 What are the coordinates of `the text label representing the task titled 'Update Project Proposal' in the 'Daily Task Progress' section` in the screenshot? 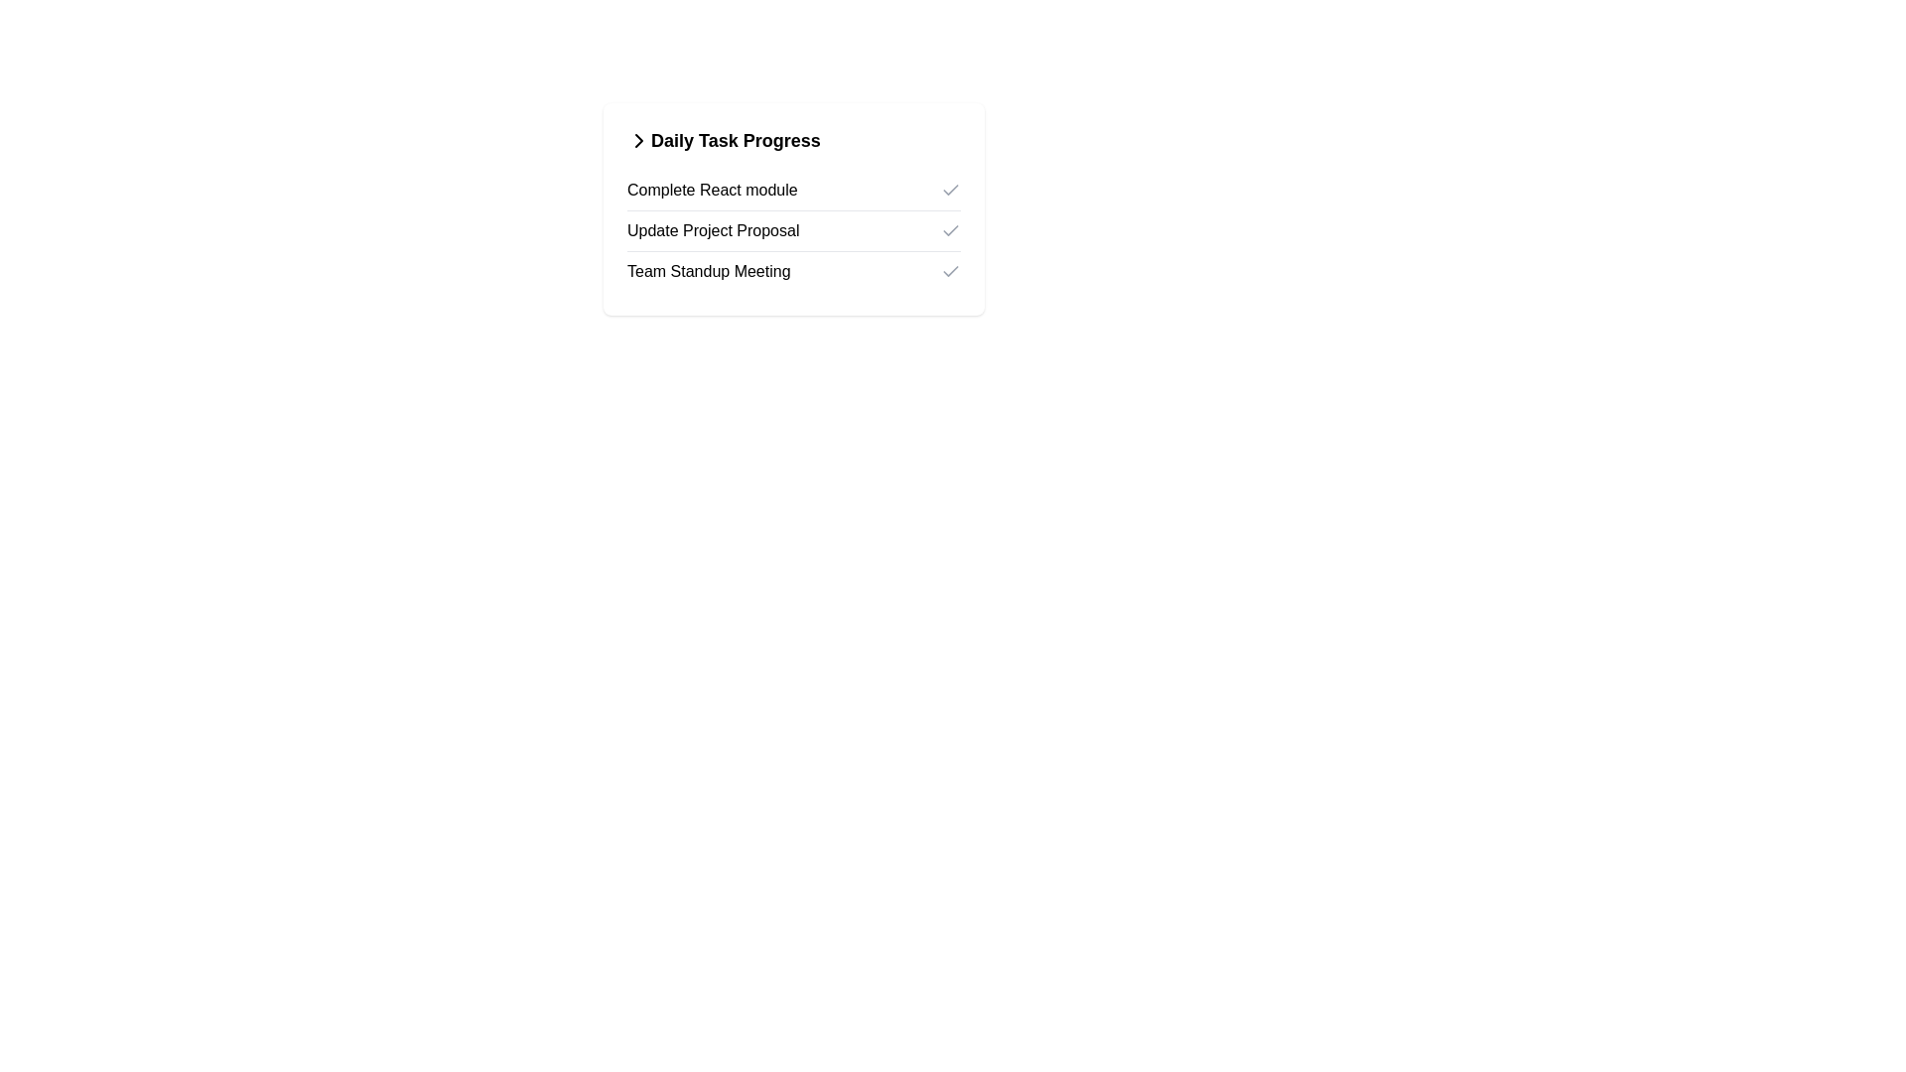 It's located at (713, 229).